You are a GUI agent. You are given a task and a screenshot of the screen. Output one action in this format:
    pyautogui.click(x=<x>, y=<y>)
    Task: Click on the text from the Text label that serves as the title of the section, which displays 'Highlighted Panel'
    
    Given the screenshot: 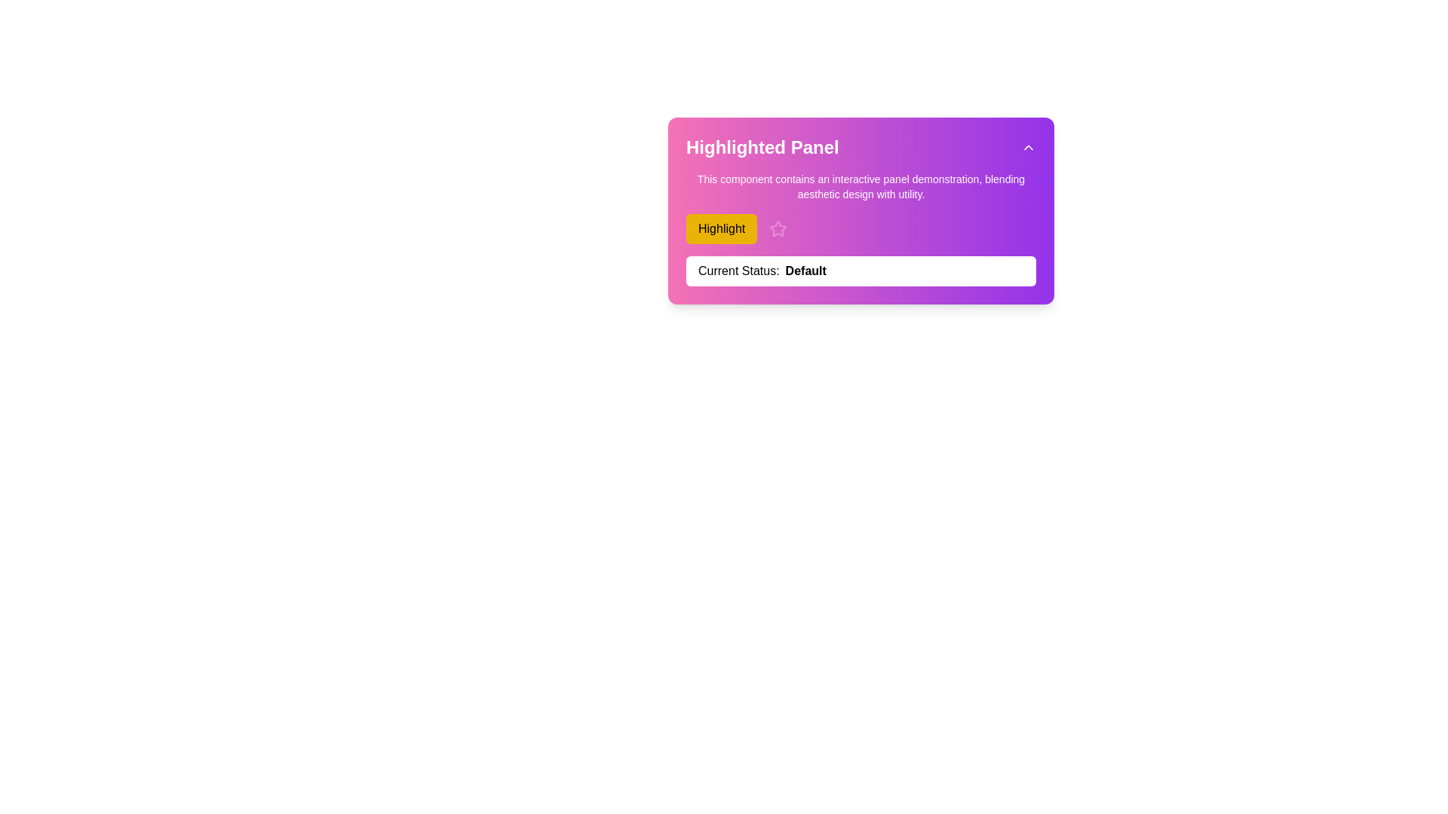 What is the action you would take?
    pyautogui.click(x=762, y=148)
    